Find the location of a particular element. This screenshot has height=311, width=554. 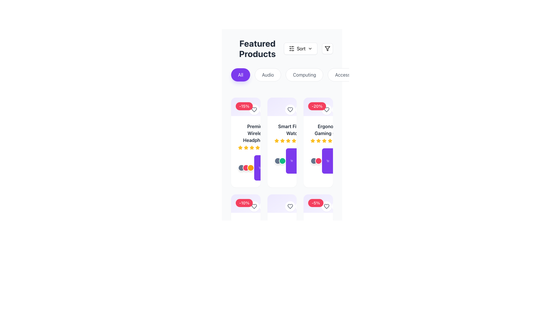

the heart-shaped 'like' button located at the top-right corner of the product card to mark the product as favorite is located at coordinates (290, 110).